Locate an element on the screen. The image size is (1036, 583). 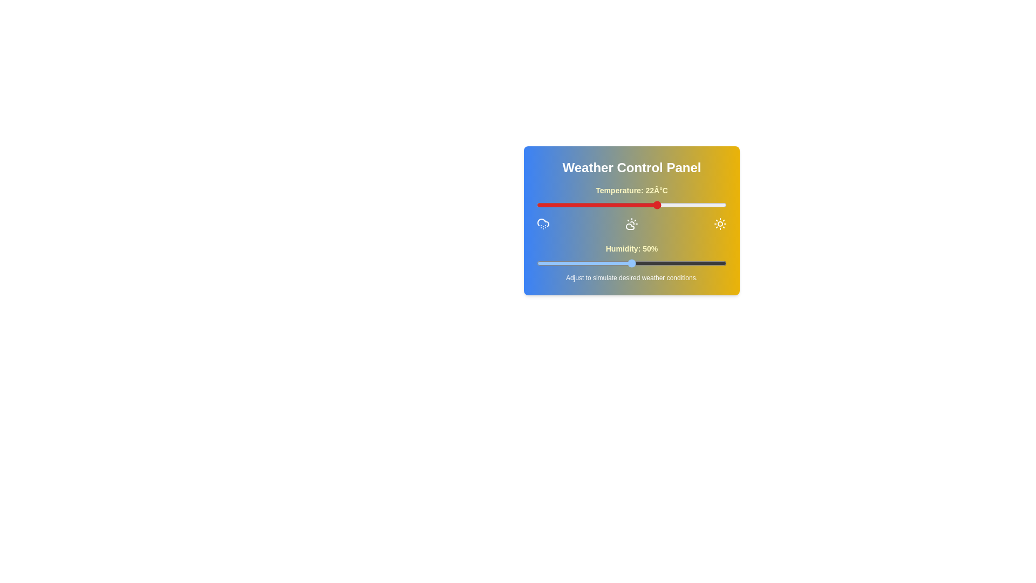
humidity is located at coordinates (686, 263).